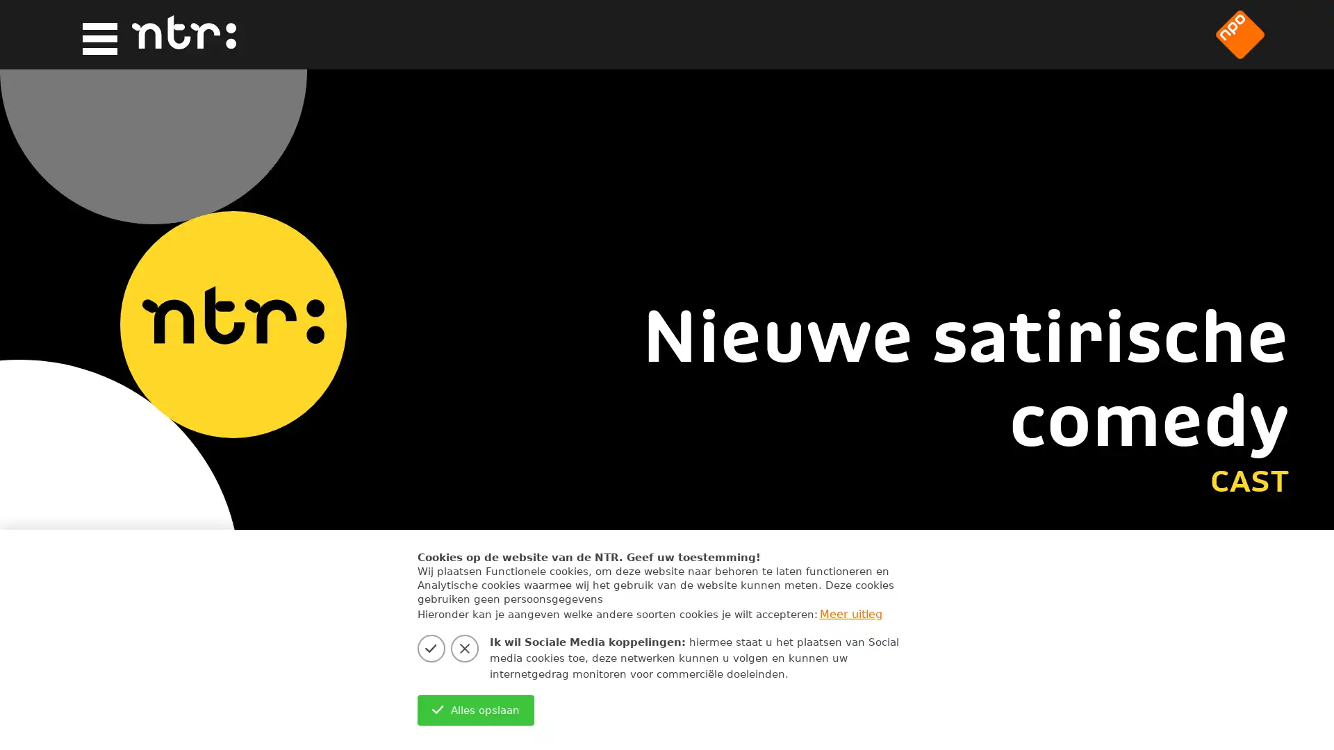 The width and height of the screenshot is (1334, 750). What do you see at coordinates (94, 35) in the screenshot?
I see `Hoofdmenu` at bounding box center [94, 35].